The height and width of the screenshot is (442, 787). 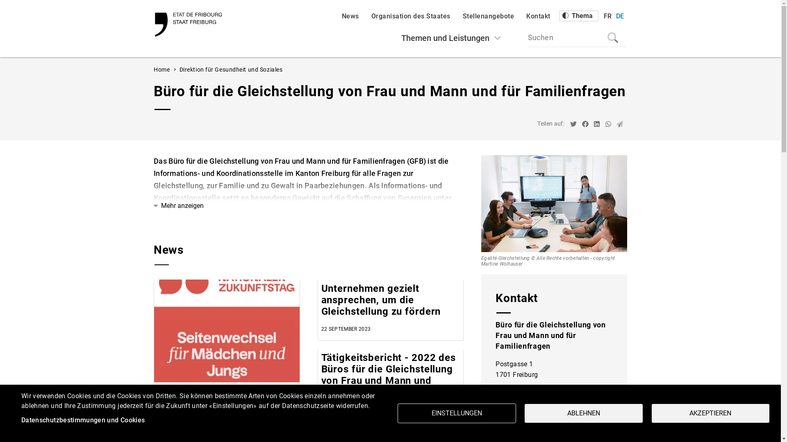 What do you see at coordinates (585, 124) in the screenshot?
I see `'Teilen auf Facebook'` at bounding box center [585, 124].